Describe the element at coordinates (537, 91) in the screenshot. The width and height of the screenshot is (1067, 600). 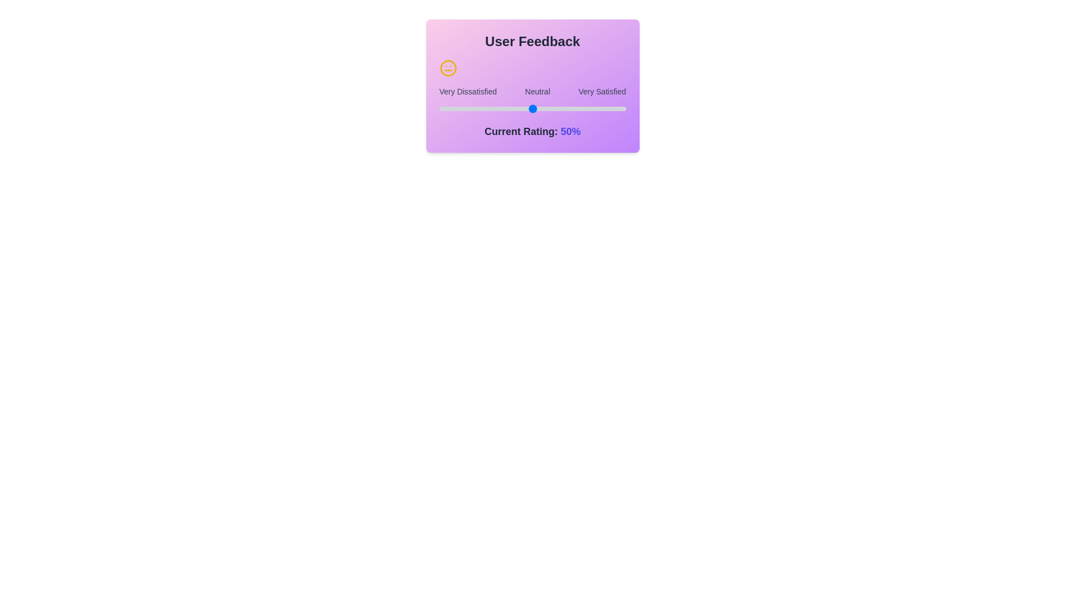
I see `the text label Neutral to select it` at that location.